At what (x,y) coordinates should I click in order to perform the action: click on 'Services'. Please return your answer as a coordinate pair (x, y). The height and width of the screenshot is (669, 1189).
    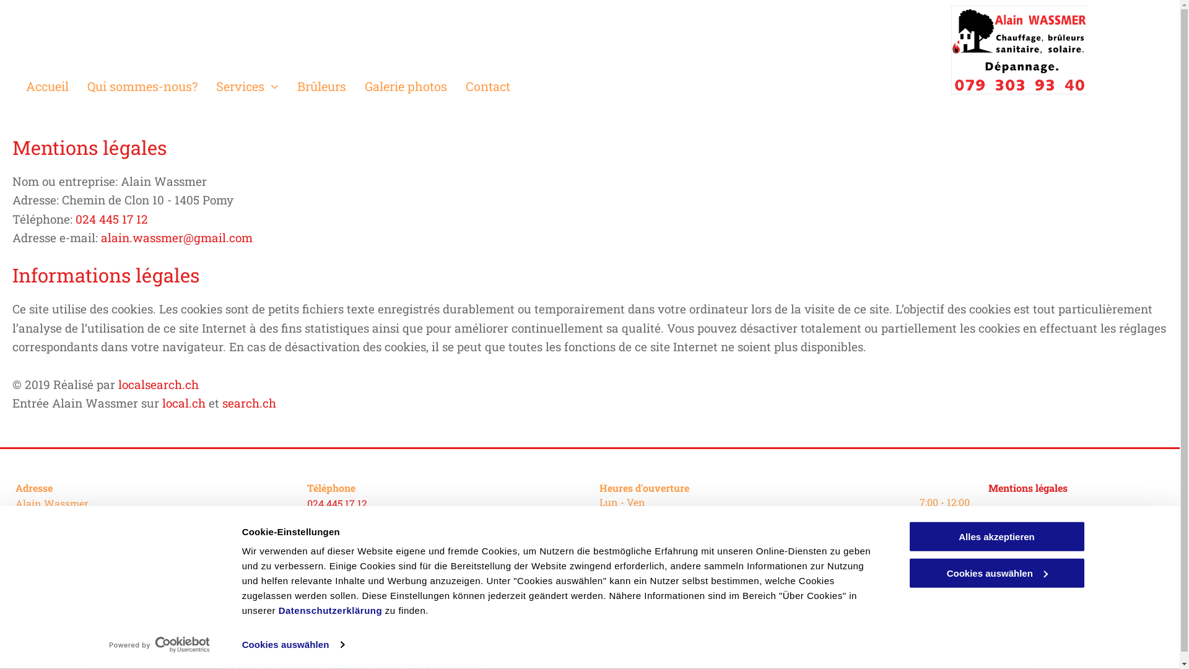
    Looking at the image, I should click on (256, 85).